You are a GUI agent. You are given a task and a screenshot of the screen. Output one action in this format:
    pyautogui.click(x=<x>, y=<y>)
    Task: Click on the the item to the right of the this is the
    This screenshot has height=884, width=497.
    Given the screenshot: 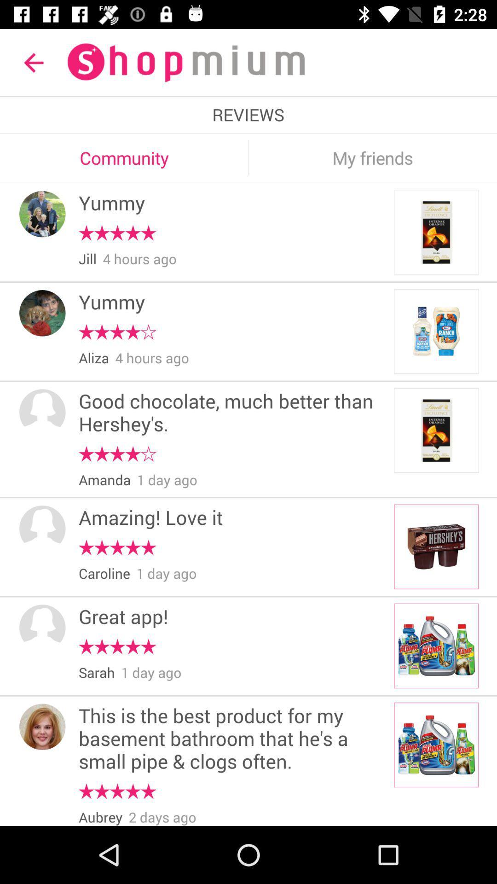 What is the action you would take?
    pyautogui.click(x=436, y=745)
    